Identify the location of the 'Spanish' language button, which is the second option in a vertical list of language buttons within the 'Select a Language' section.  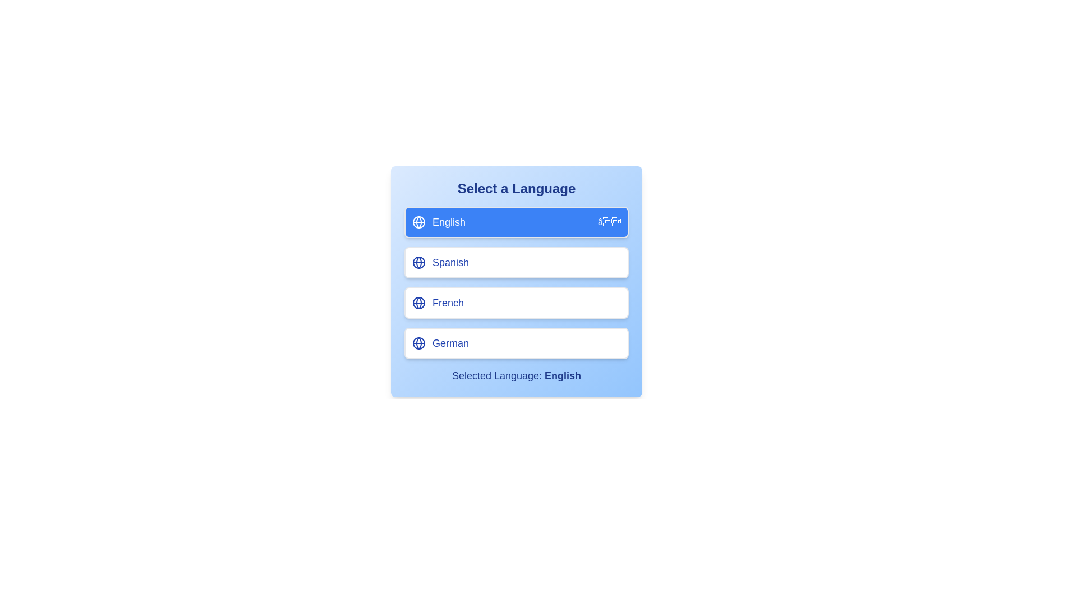
(516, 263).